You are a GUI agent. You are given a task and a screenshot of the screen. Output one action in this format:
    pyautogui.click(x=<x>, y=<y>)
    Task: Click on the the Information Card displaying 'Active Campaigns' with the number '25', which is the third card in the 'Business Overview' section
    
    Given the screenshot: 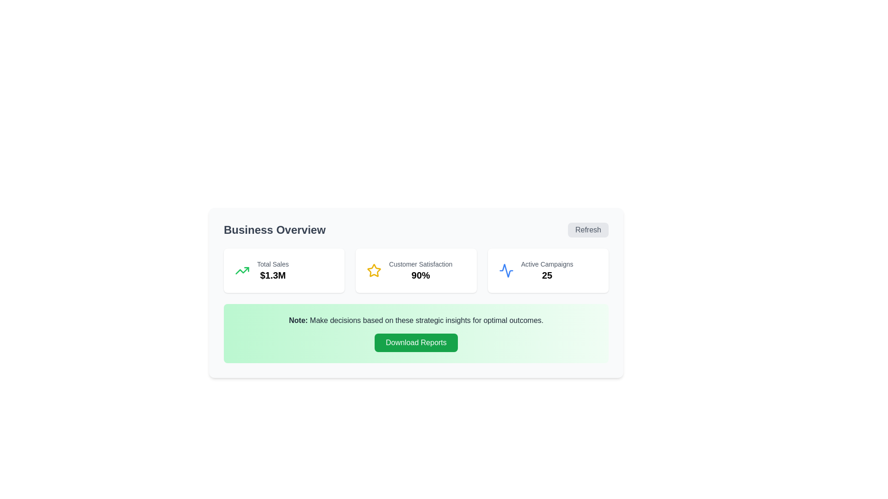 What is the action you would take?
    pyautogui.click(x=548, y=270)
    